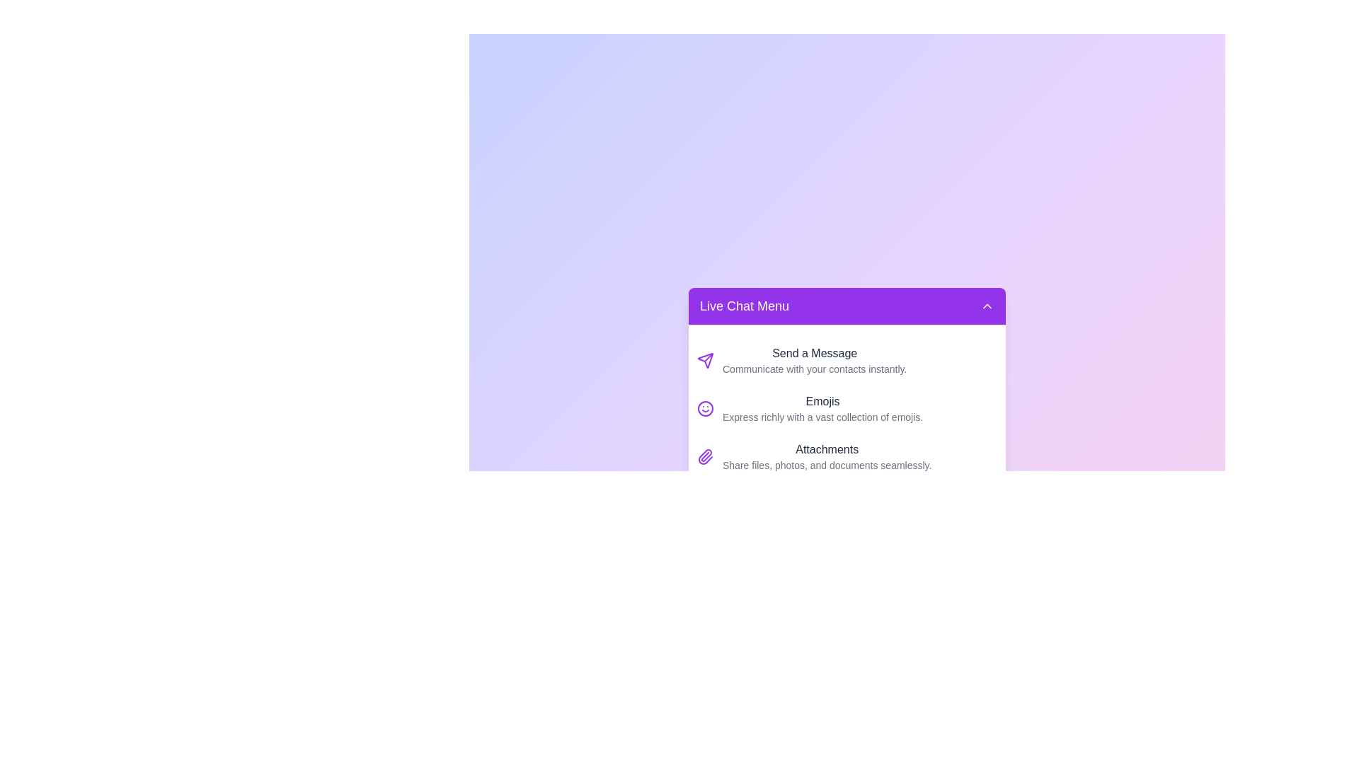 The width and height of the screenshot is (1359, 764). Describe the element at coordinates (847, 359) in the screenshot. I see `the menu item labeled Send a Message to see its hover effect` at that location.